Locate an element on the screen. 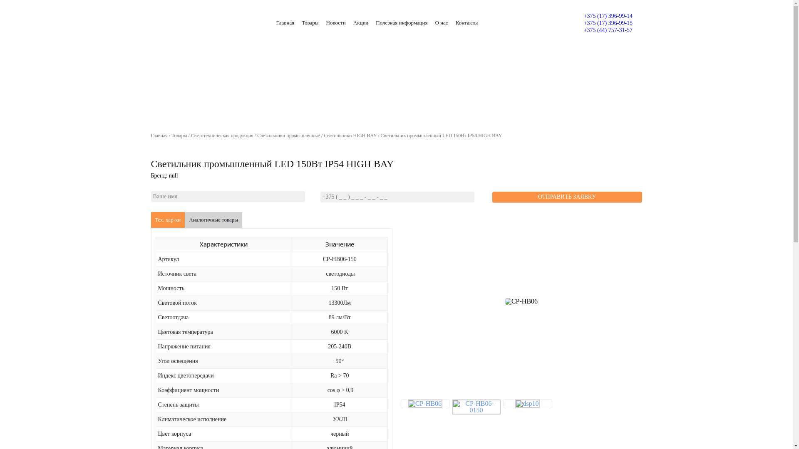 This screenshot has height=449, width=799. '+375 (17) 396-99-14' is located at coordinates (608, 16).